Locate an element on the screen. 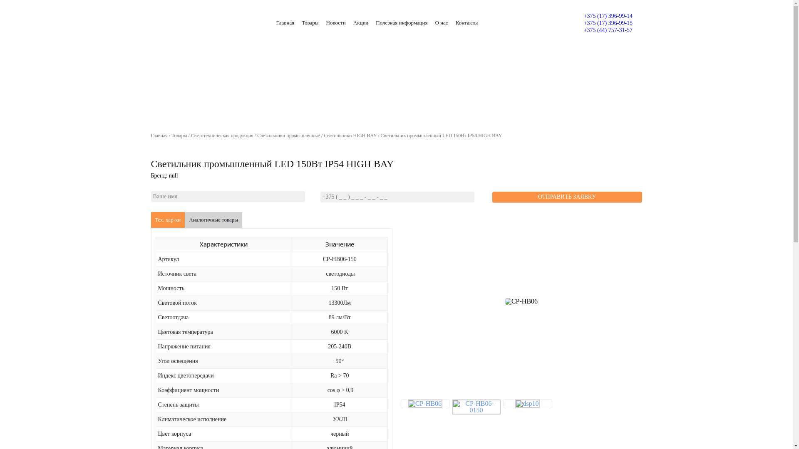 This screenshot has height=449, width=799. '+375 (17) 396-99-14' is located at coordinates (608, 16).